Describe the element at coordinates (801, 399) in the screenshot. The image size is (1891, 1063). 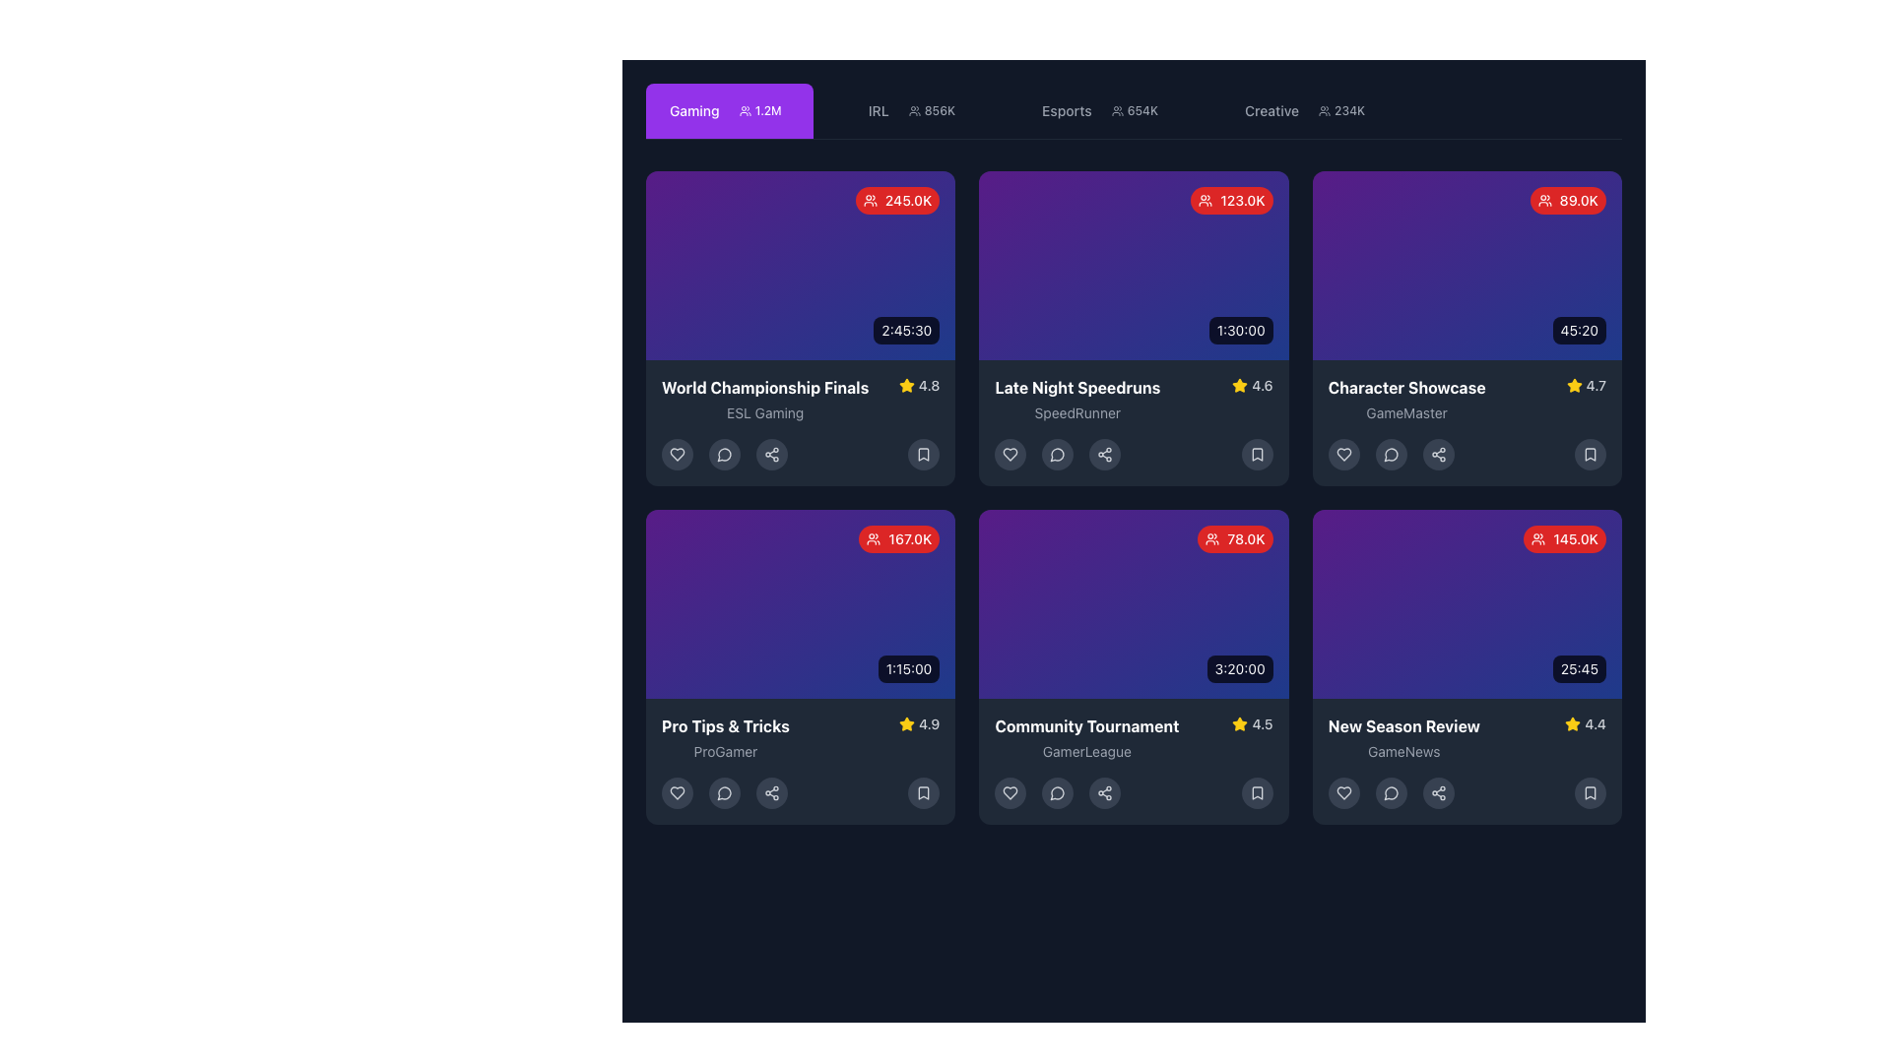
I see `the text element displaying 'World Championship Finals' with the accompanying gold star icon and rating '4.8'` at that location.